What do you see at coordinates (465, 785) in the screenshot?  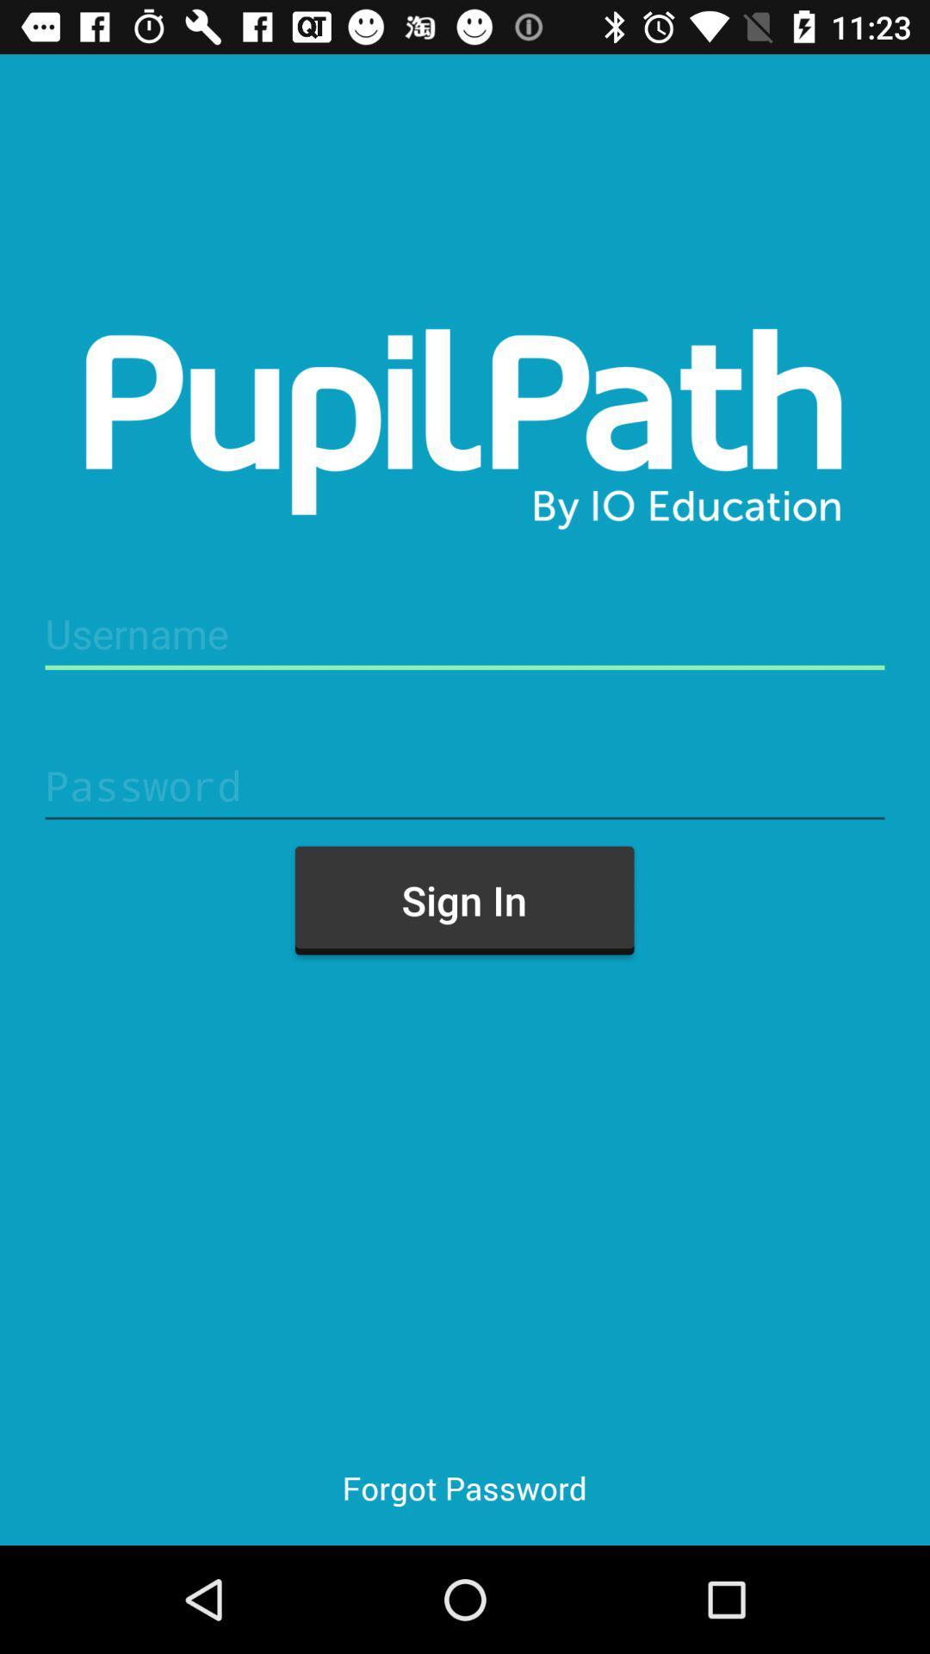 I see `item above the sign in` at bounding box center [465, 785].